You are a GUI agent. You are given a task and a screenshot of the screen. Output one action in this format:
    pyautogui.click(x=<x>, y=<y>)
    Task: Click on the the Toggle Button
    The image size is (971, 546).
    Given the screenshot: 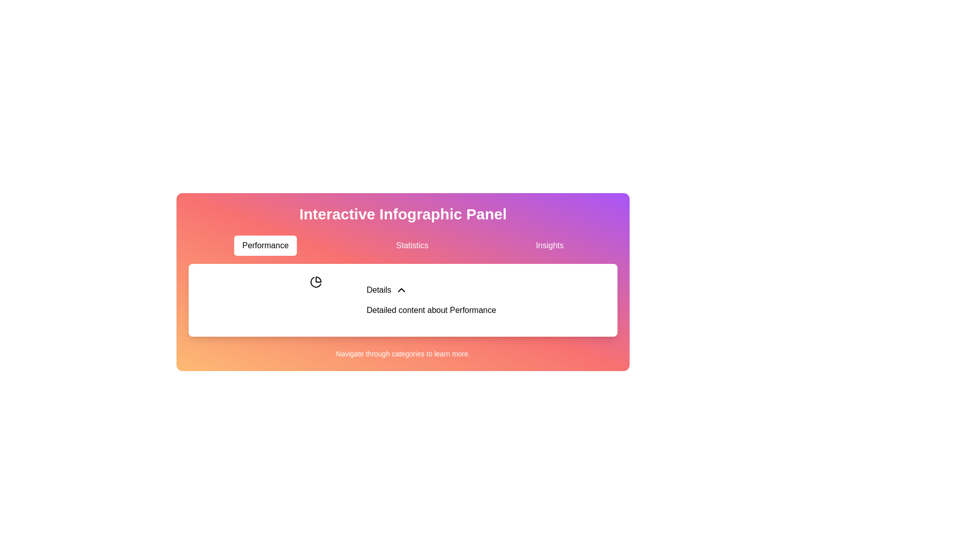 What is the action you would take?
    pyautogui.click(x=386, y=290)
    